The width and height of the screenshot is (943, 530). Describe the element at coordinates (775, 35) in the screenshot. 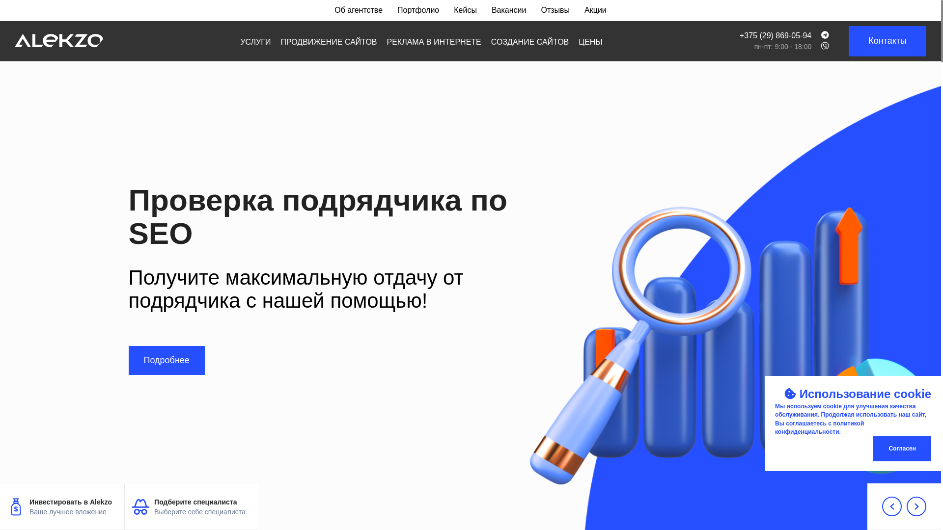

I see `'+375 (29) 869-05-94'` at that location.